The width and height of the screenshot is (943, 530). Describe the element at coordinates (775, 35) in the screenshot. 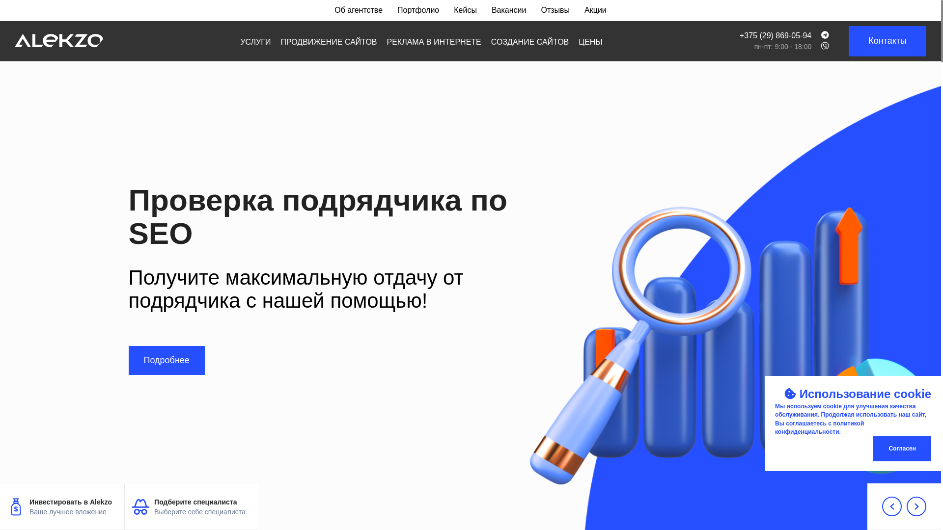

I see `'+375 (29) 869-05-94'` at that location.